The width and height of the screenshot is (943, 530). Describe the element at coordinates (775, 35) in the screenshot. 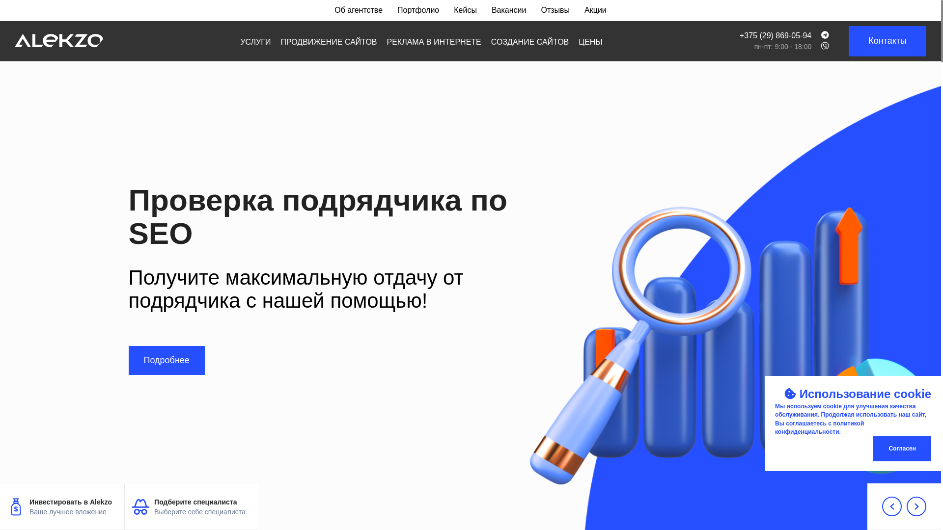

I see `'+375 (29) 869-05-94'` at that location.